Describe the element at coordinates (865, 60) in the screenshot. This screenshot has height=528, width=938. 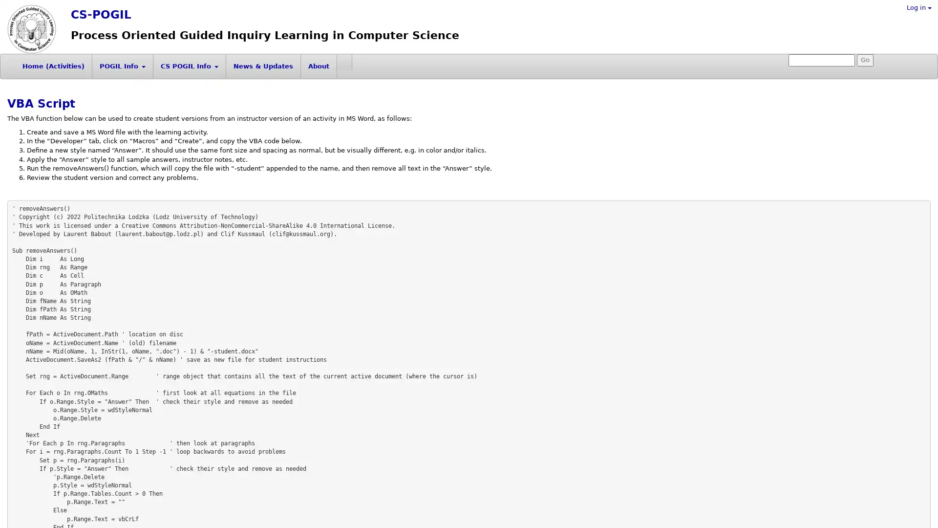
I see `Go` at that location.